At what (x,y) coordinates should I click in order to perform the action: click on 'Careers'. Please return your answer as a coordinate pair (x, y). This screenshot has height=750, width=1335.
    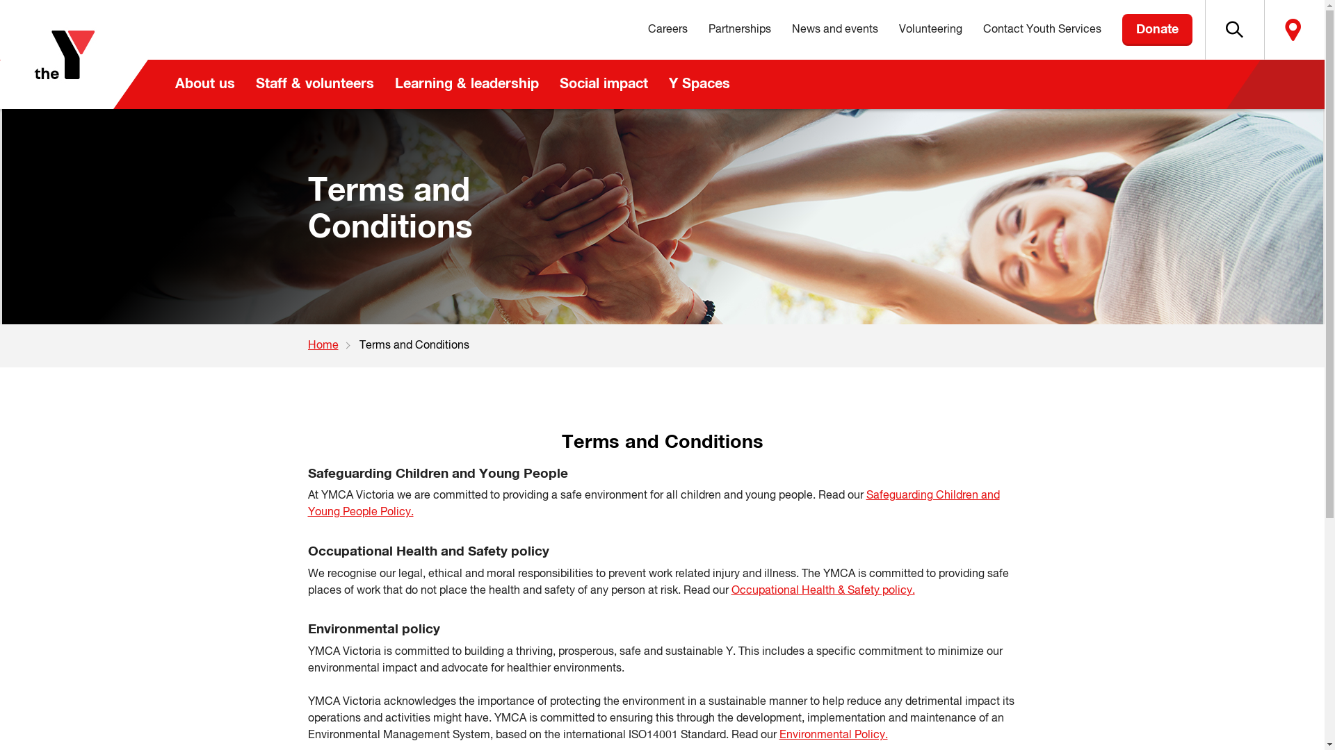
    Looking at the image, I should click on (666, 29).